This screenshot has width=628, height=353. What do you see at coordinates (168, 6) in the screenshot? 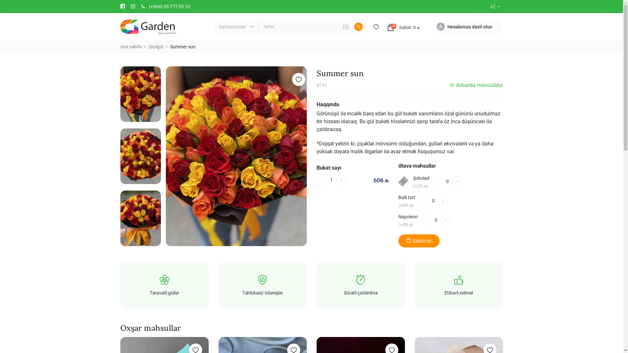
I see `'(+994) 55 777 05 10'` at bounding box center [168, 6].